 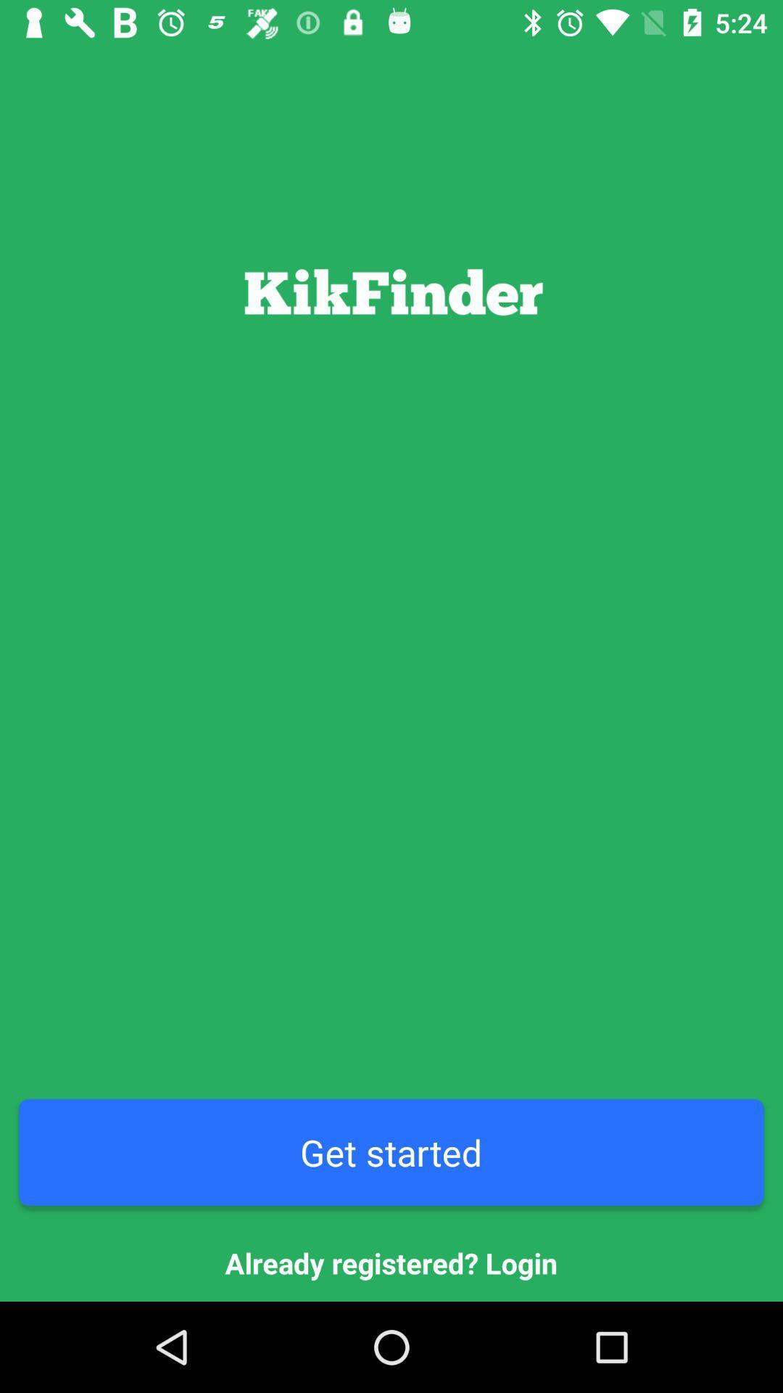 What do you see at coordinates (391, 1262) in the screenshot?
I see `the icon below get started icon` at bounding box center [391, 1262].